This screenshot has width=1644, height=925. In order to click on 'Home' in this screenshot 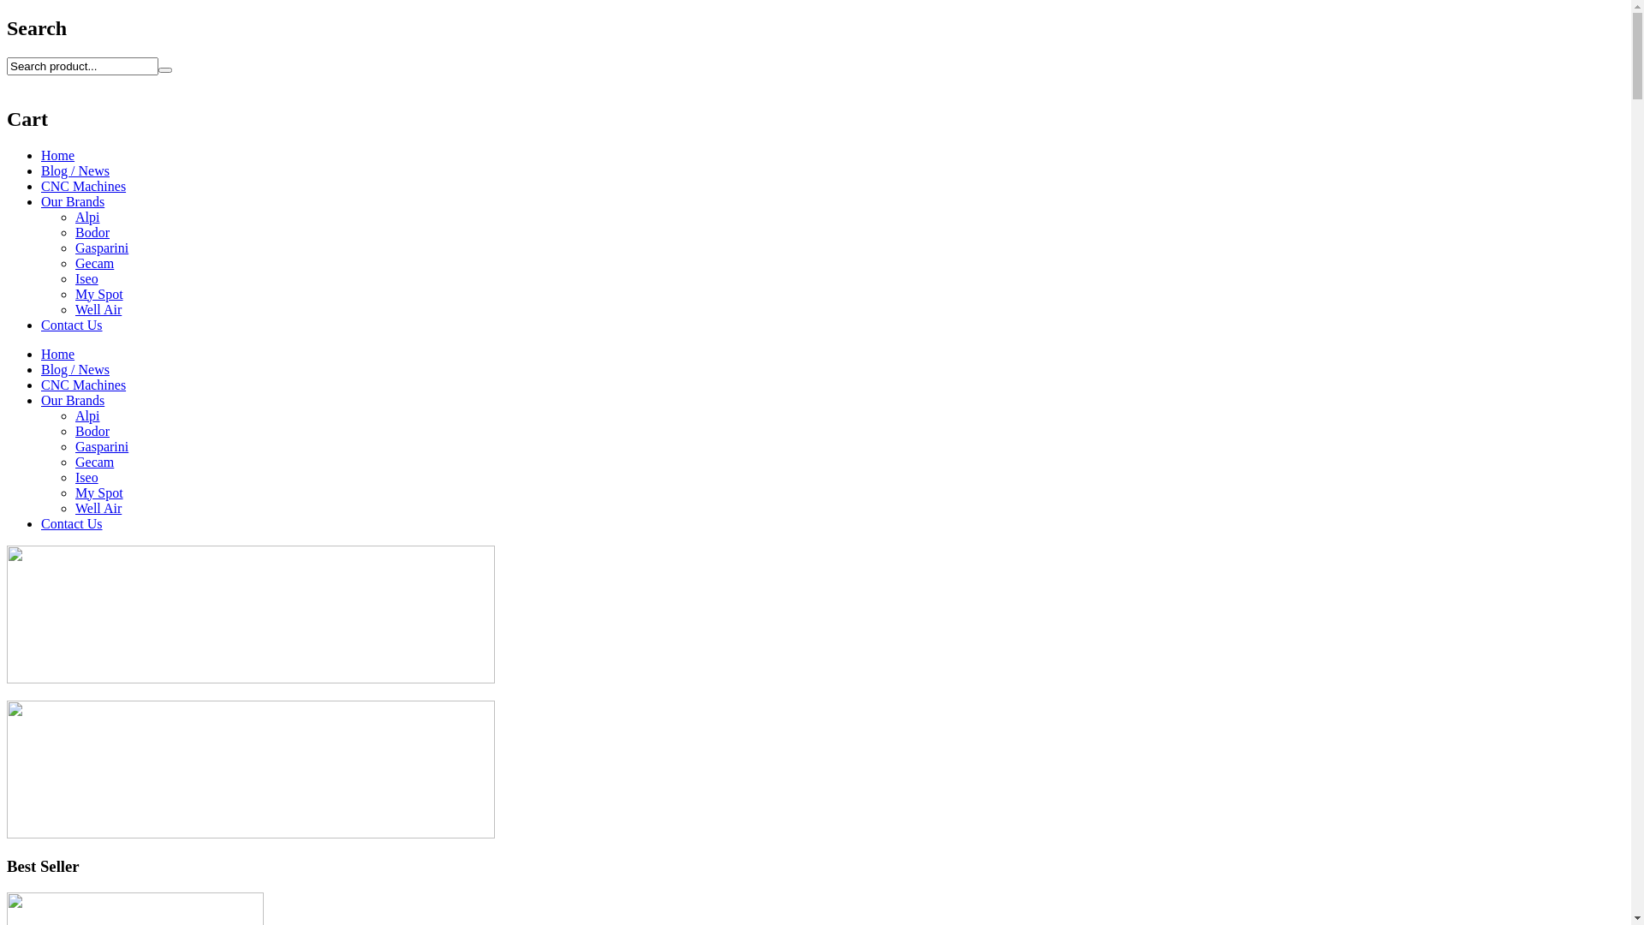, I will do `click(57, 155)`.